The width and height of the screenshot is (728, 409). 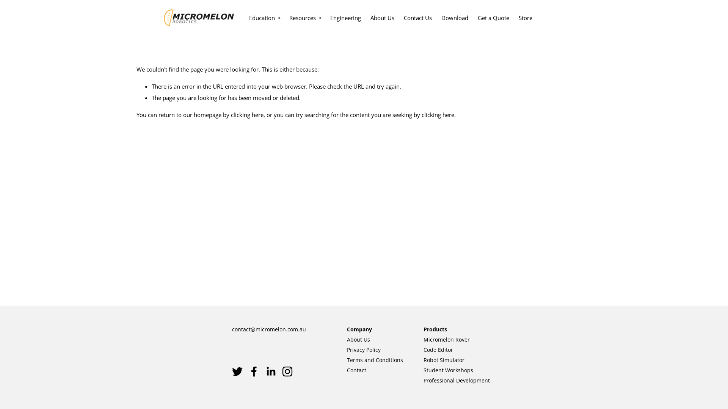 I want to click on 'Robot Simulator', so click(x=444, y=360).